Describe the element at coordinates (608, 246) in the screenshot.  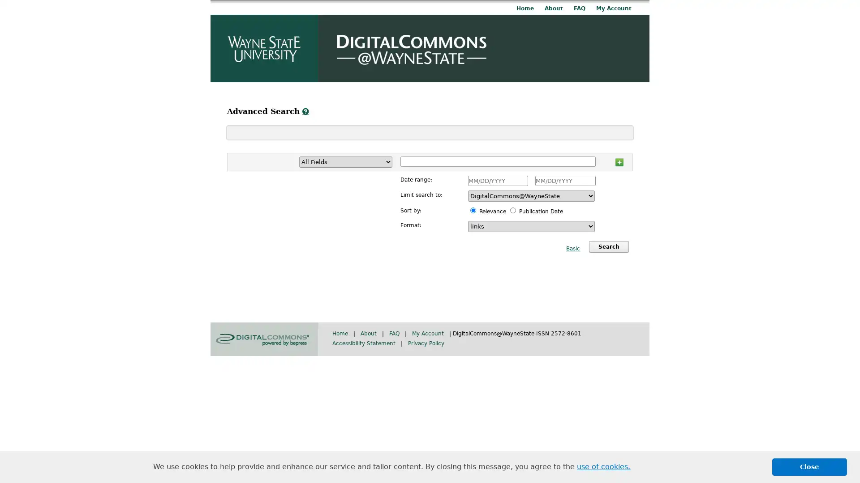
I see `Search` at that location.